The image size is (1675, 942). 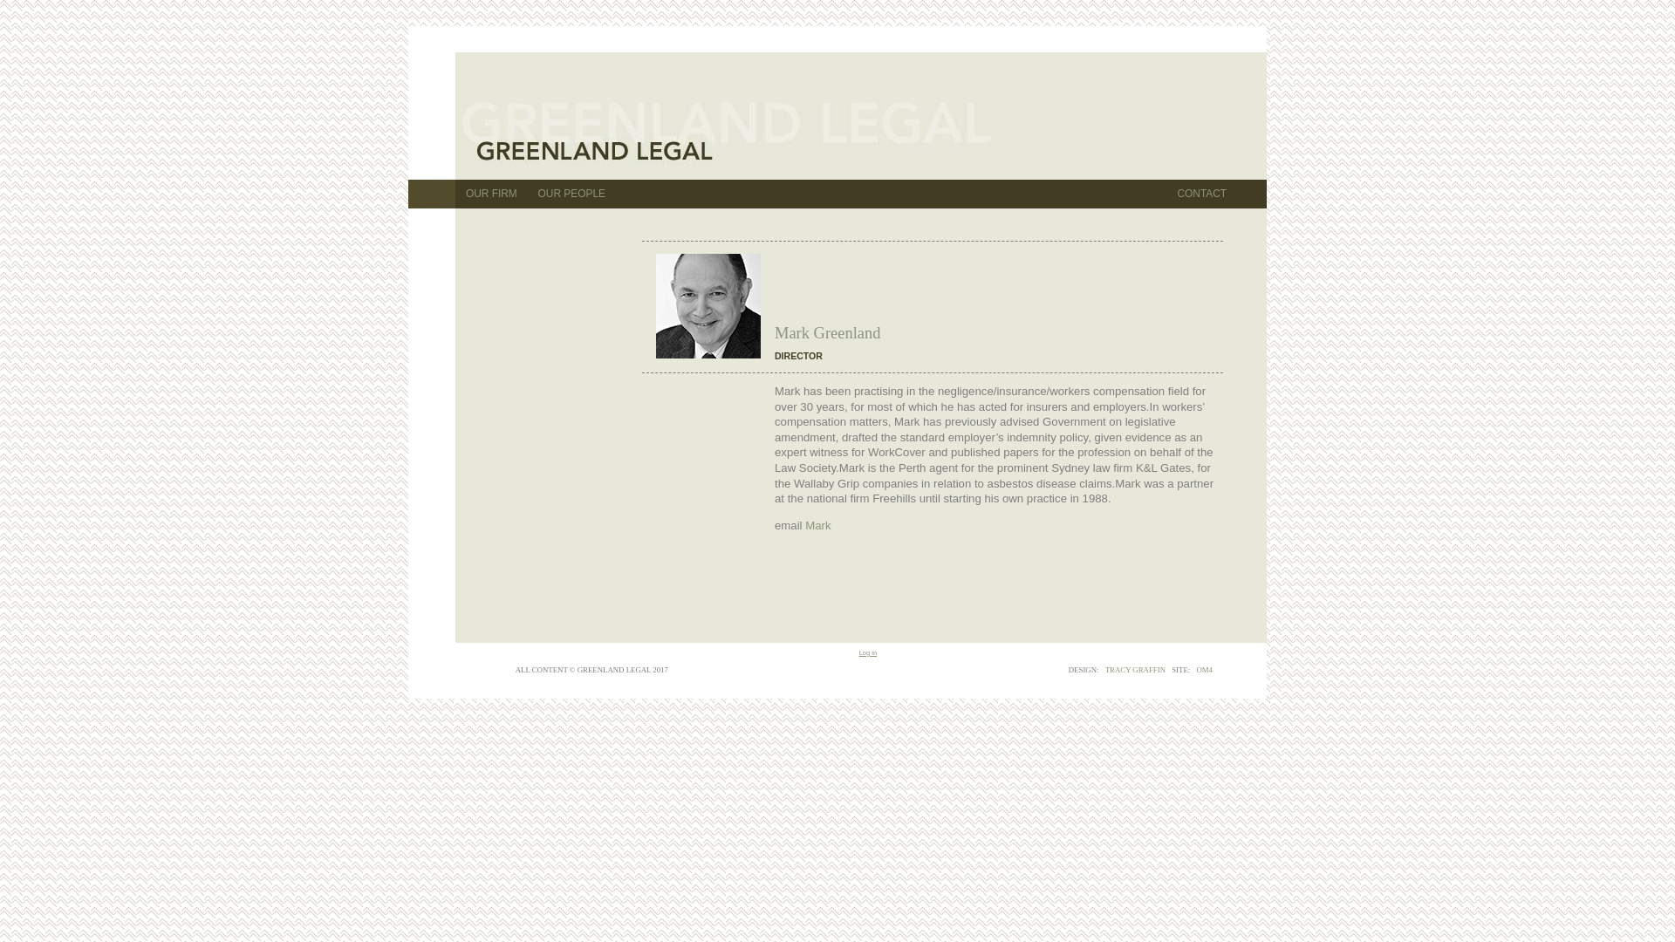 What do you see at coordinates (1203, 668) in the screenshot?
I see `'OM4'` at bounding box center [1203, 668].